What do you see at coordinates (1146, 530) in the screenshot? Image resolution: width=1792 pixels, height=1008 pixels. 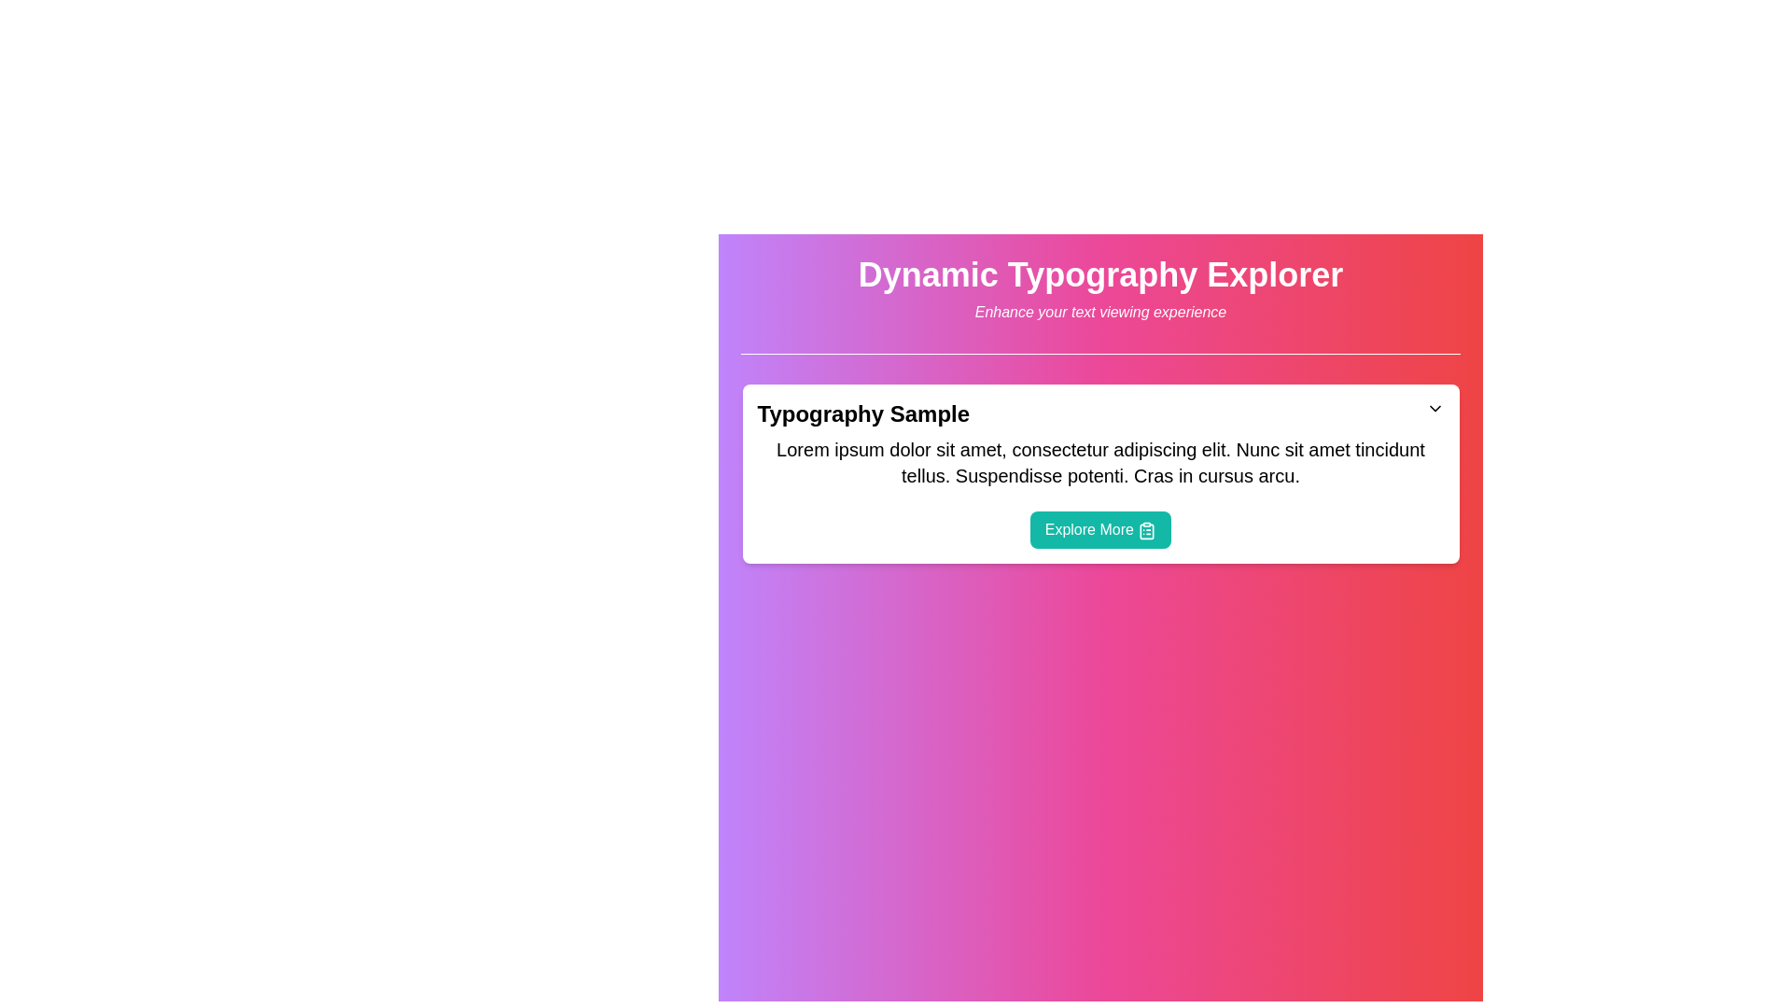 I see `the clipboard icon within the 'Explore More' button located at the bottom section of a white card` at bounding box center [1146, 530].